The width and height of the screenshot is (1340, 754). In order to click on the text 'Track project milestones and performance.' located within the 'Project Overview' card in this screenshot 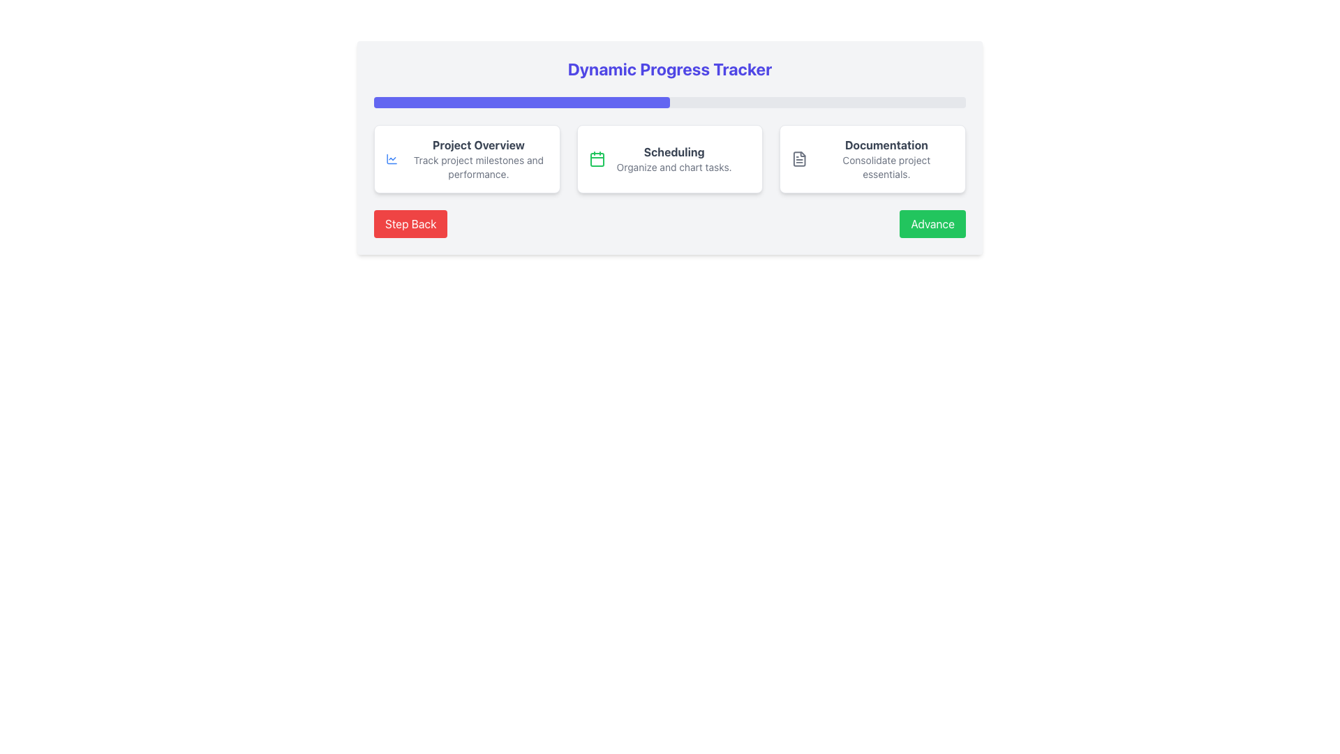, I will do `click(479, 166)`.